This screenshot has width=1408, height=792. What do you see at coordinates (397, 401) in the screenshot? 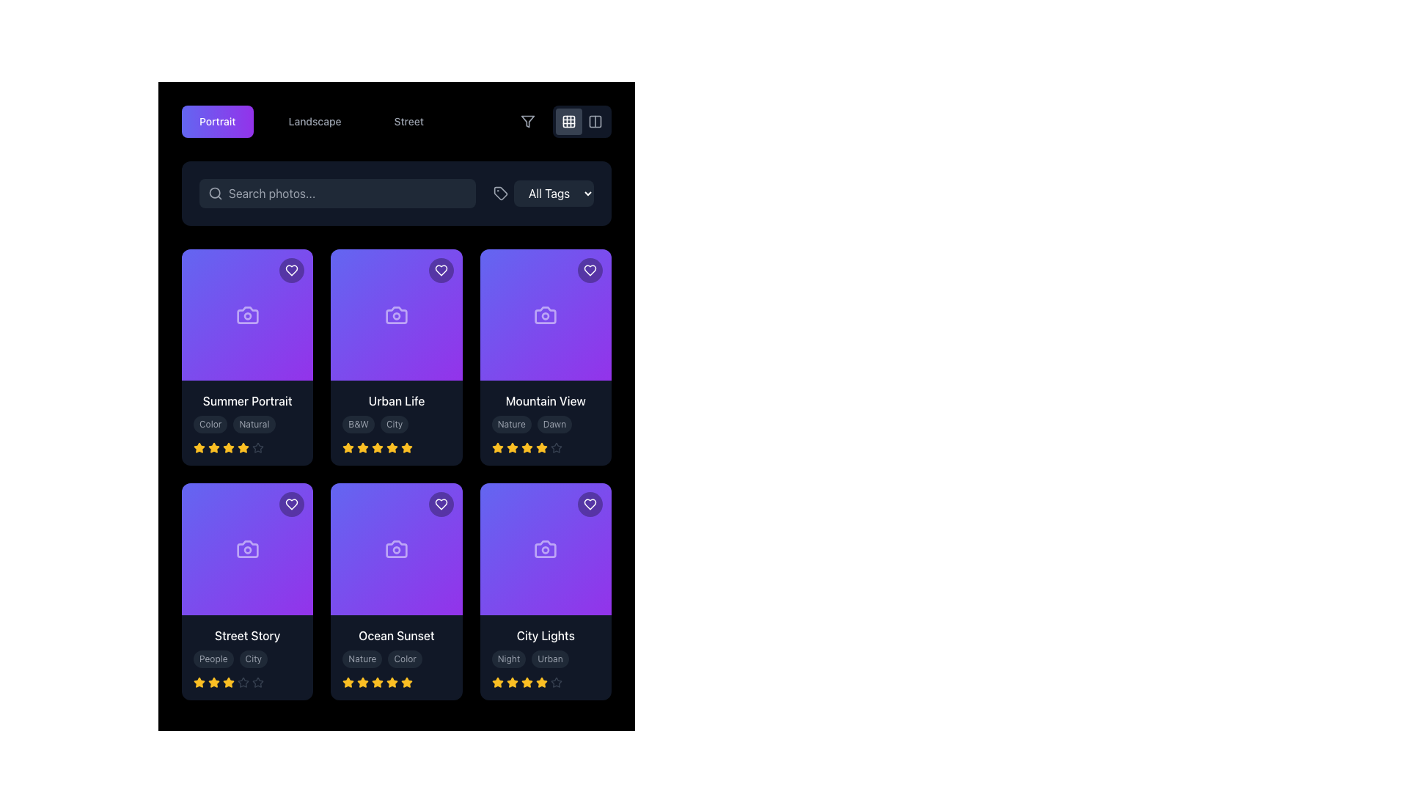
I see `text displayed in the 'Urban Life' Text Label, which is in white font on a dark background, located in the first row of the second column of the grid layout` at bounding box center [397, 401].